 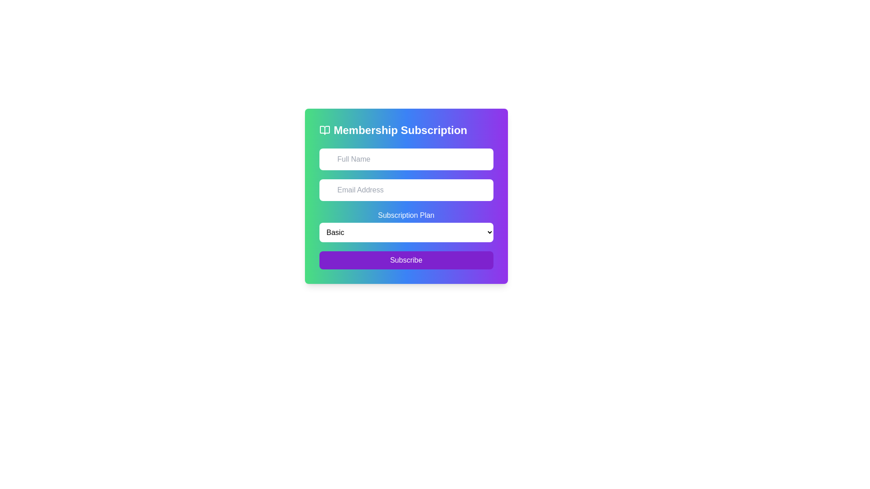 I want to click on an option from the 'Subscription Plan' dropdown menu, which is visually identified by its white background and black text, displaying 'Basic' as the default selection, so click(x=406, y=225).